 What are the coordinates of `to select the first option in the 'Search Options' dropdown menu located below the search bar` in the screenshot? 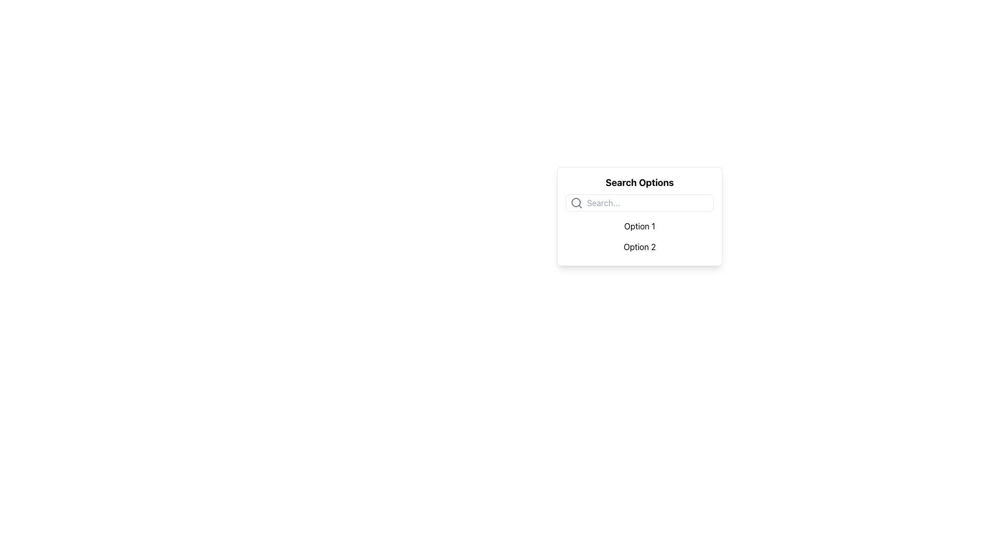 It's located at (639, 226).